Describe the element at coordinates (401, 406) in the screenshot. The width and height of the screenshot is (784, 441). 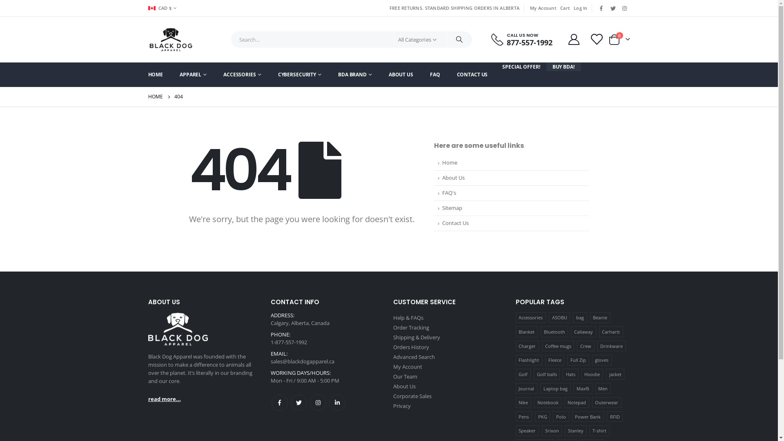
I see `'Privacy'` at that location.